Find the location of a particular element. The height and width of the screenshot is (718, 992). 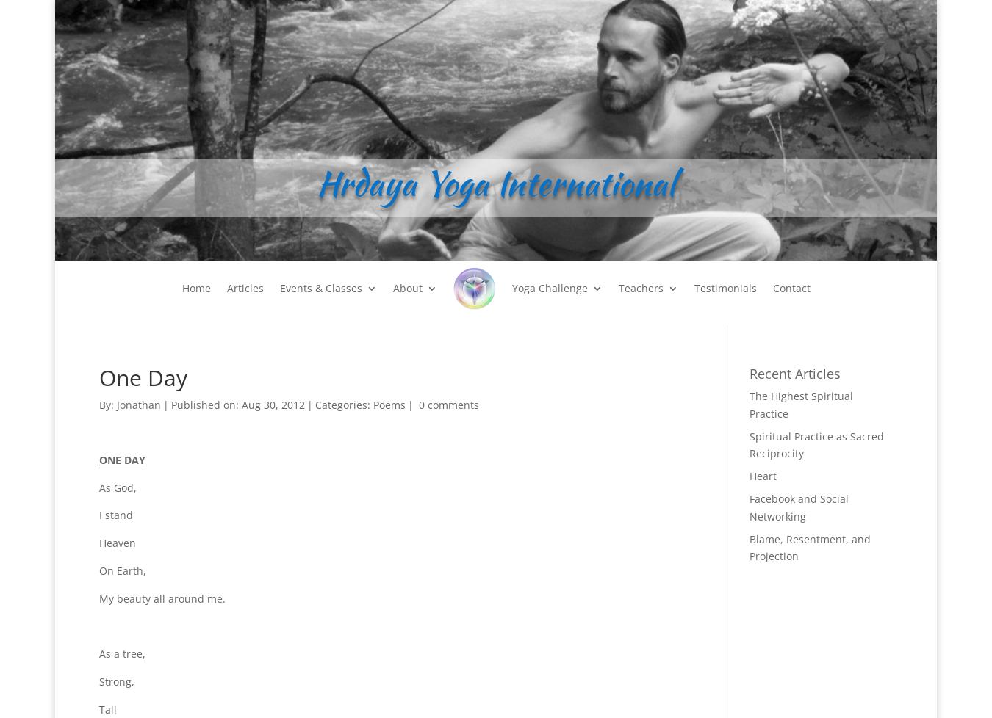

'Articles' is located at coordinates (244, 287).